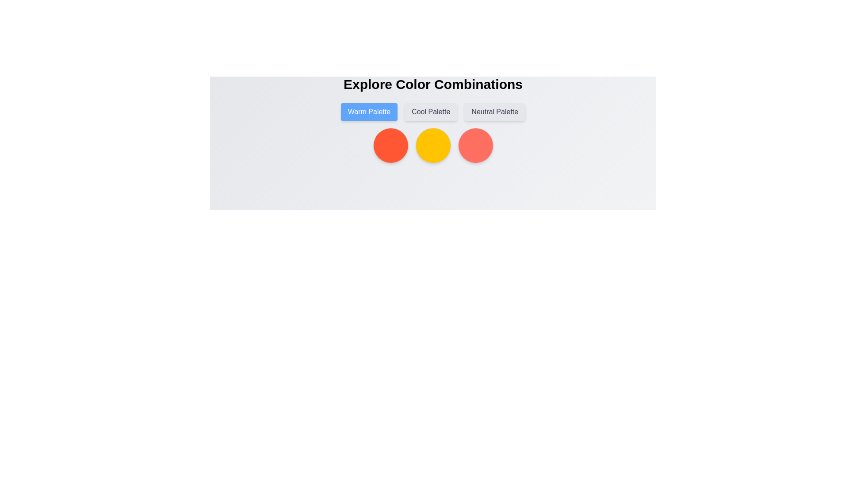  What do you see at coordinates (431, 112) in the screenshot?
I see `the 'Cool Palette' button, which is a rectangular button with a light gray background and gray text, located between the 'Warm Palette' and 'Neutral Palette' buttons, below the 'Explore Color Combinations' headline` at bounding box center [431, 112].